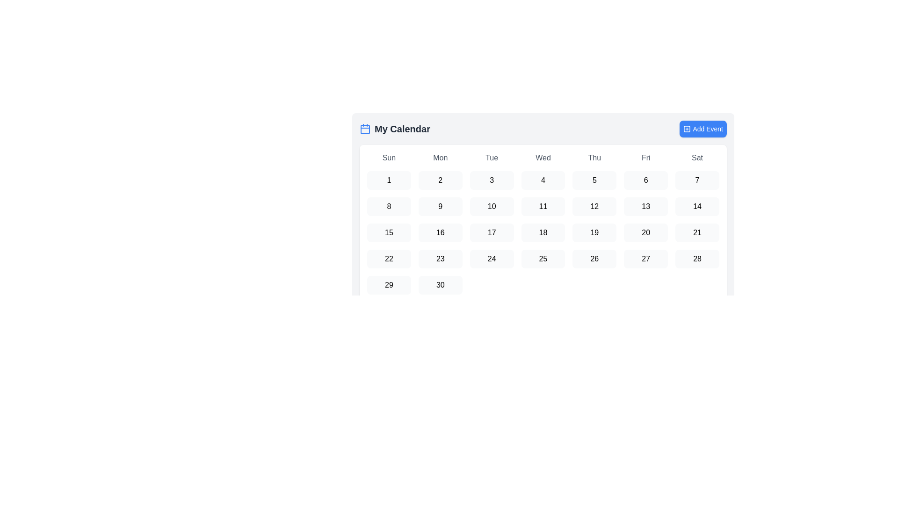 This screenshot has height=505, width=898. I want to click on the Text label indicating 'Monday' in the calendar interface, which is the second item in the list of day labels, positioned between 'Sun' and 'Tue', so click(440, 158).